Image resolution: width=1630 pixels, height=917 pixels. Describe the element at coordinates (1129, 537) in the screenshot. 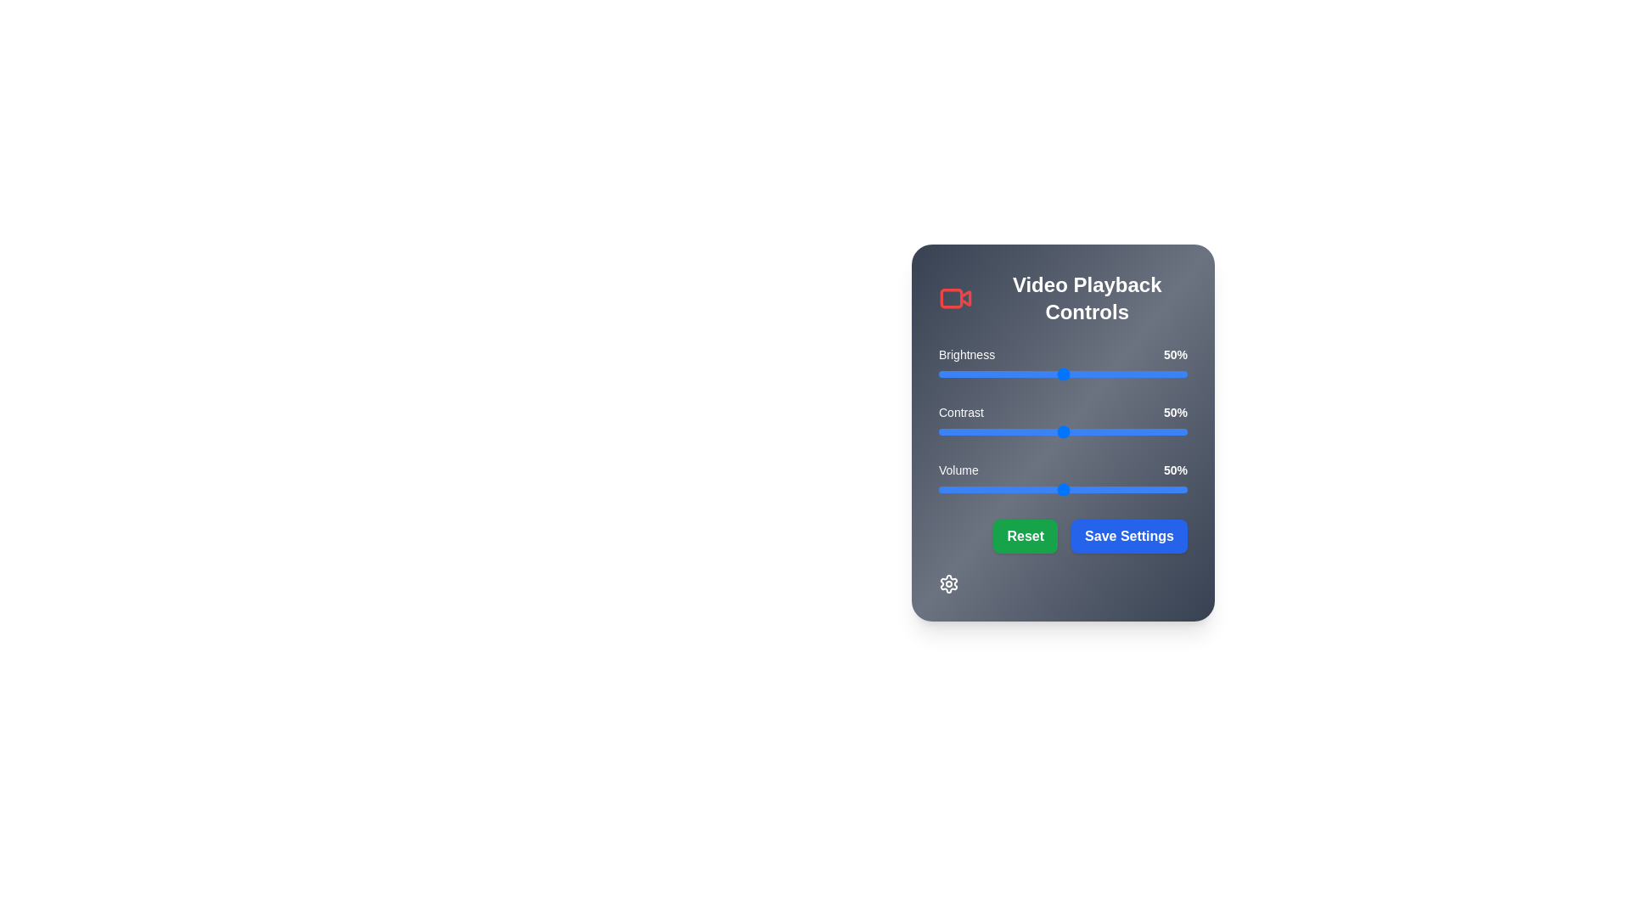

I see `the confirmation button located at the bottom right of the 'Video Playback Controls' card` at that location.